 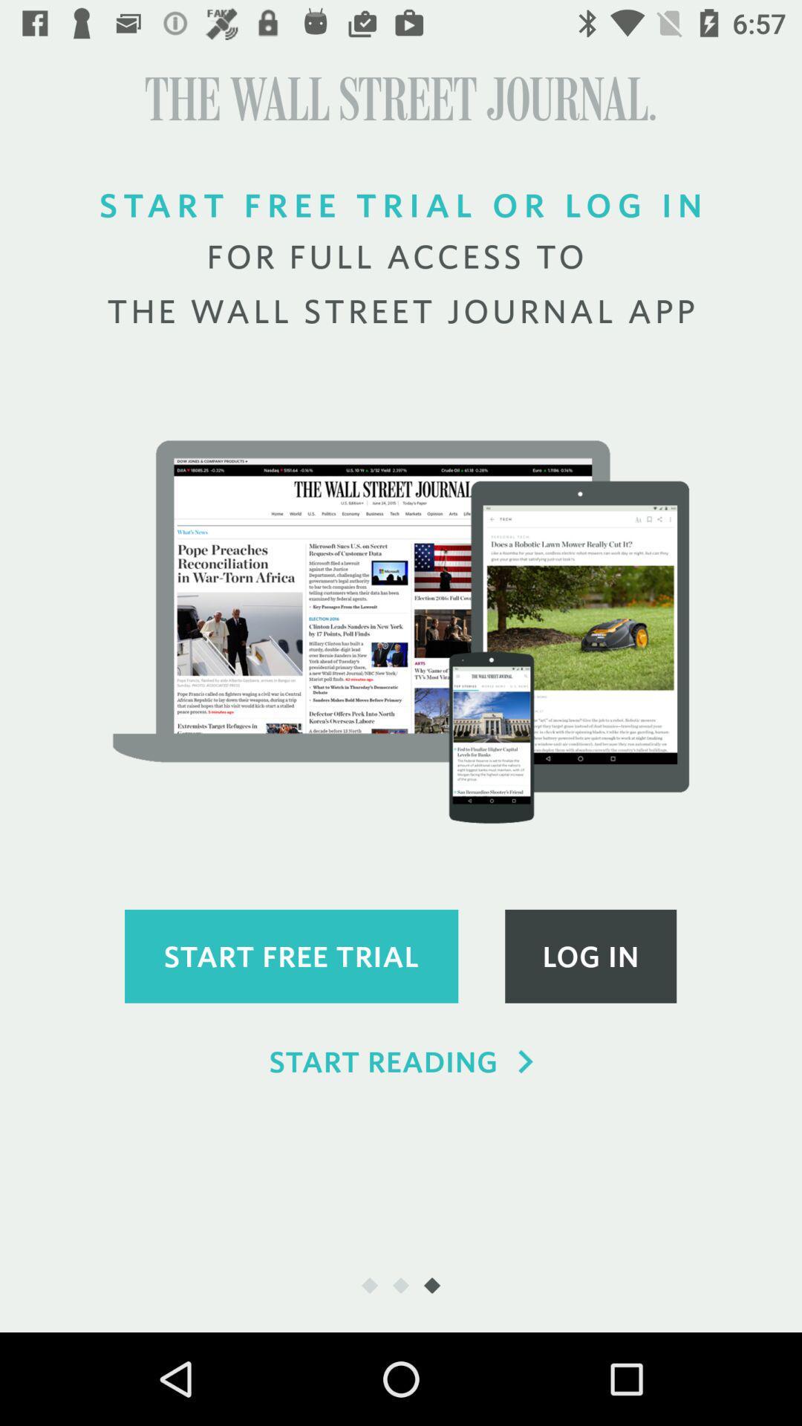 What do you see at coordinates (401, 1061) in the screenshot?
I see `start reading` at bounding box center [401, 1061].